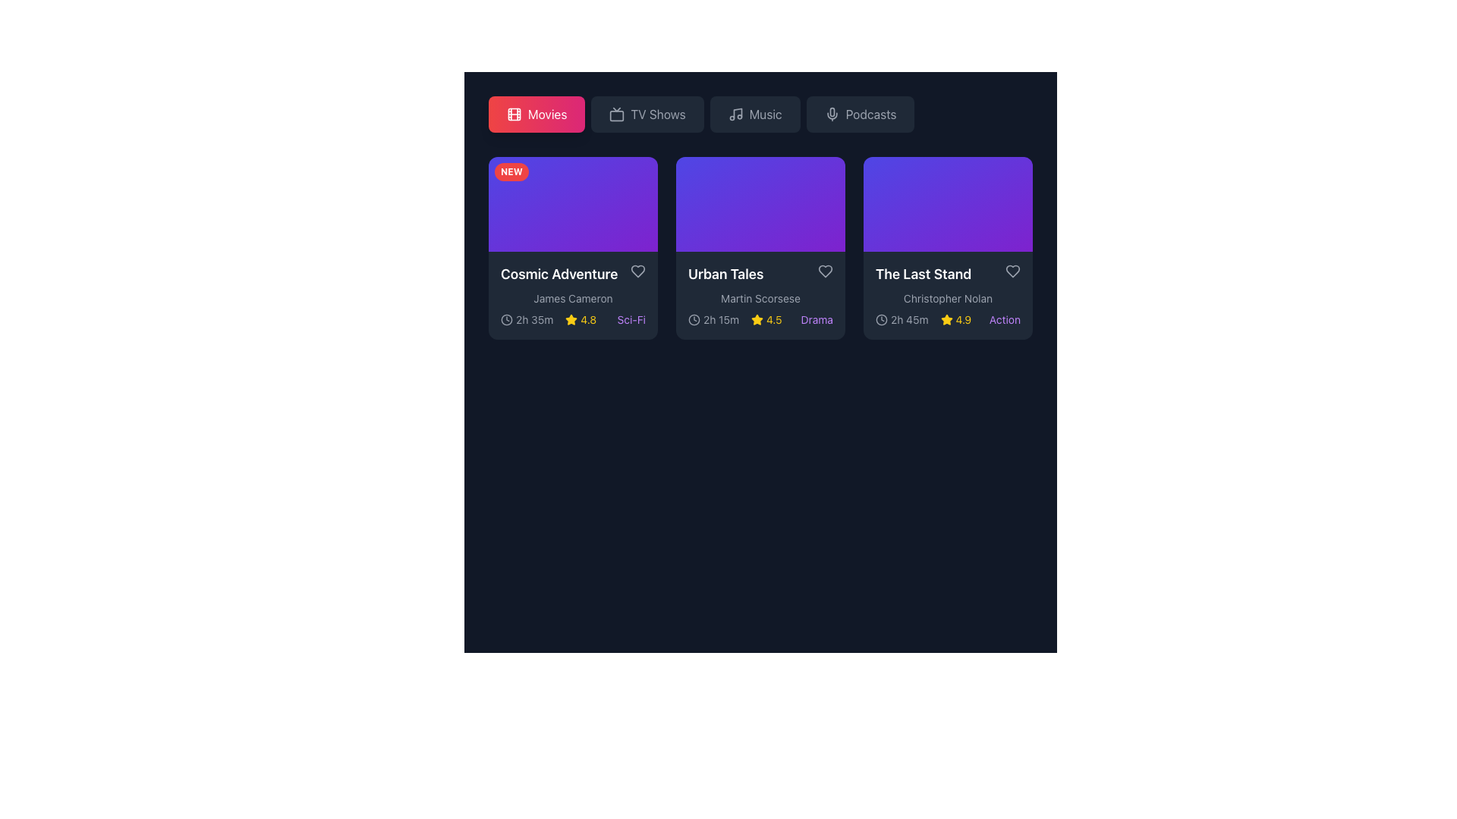 The width and height of the screenshot is (1457, 819). Describe the element at coordinates (757, 319) in the screenshot. I see `the yellow star icon representing a rating symbol located to the left of the rating score text '4.5' in the second movie card titled 'Urban Tales'` at that location.